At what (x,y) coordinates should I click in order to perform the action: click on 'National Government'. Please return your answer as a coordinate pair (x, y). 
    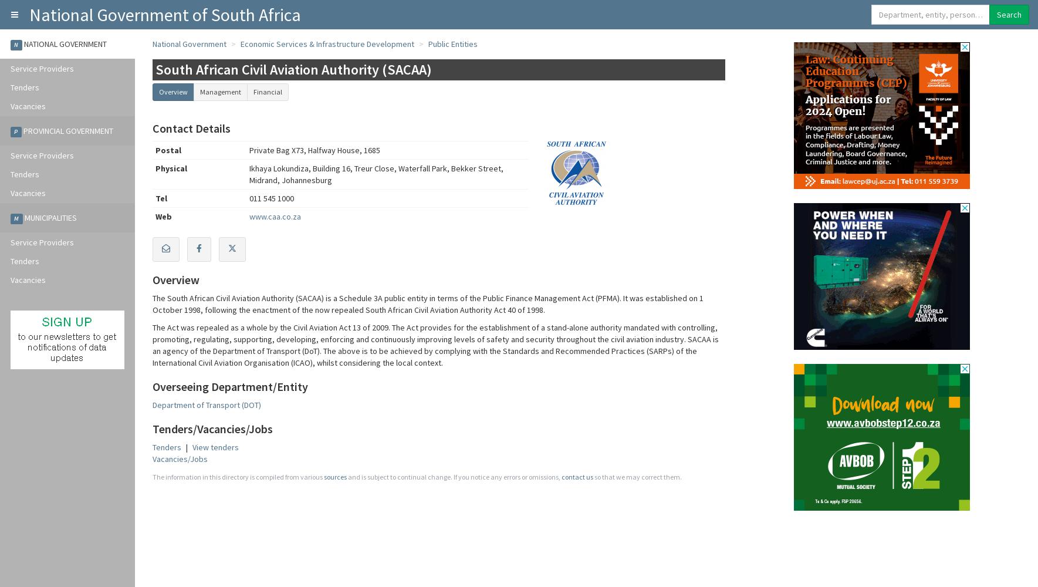
    Looking at the image, I should click on (190, 43).